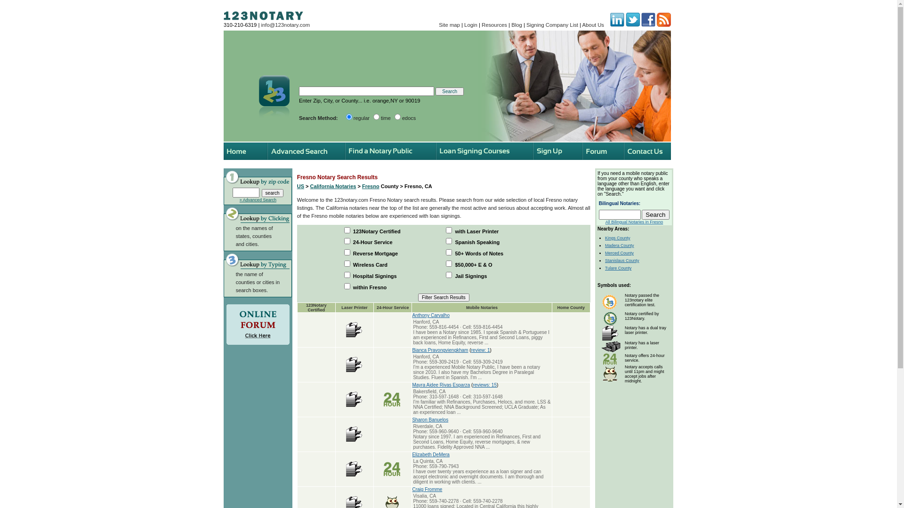 This screenshot has width=904, height=508. What do you see at coordinates (427, 489) in the screenshot?
I see `'Craig Fromme'` at bounding box center [427, 489].